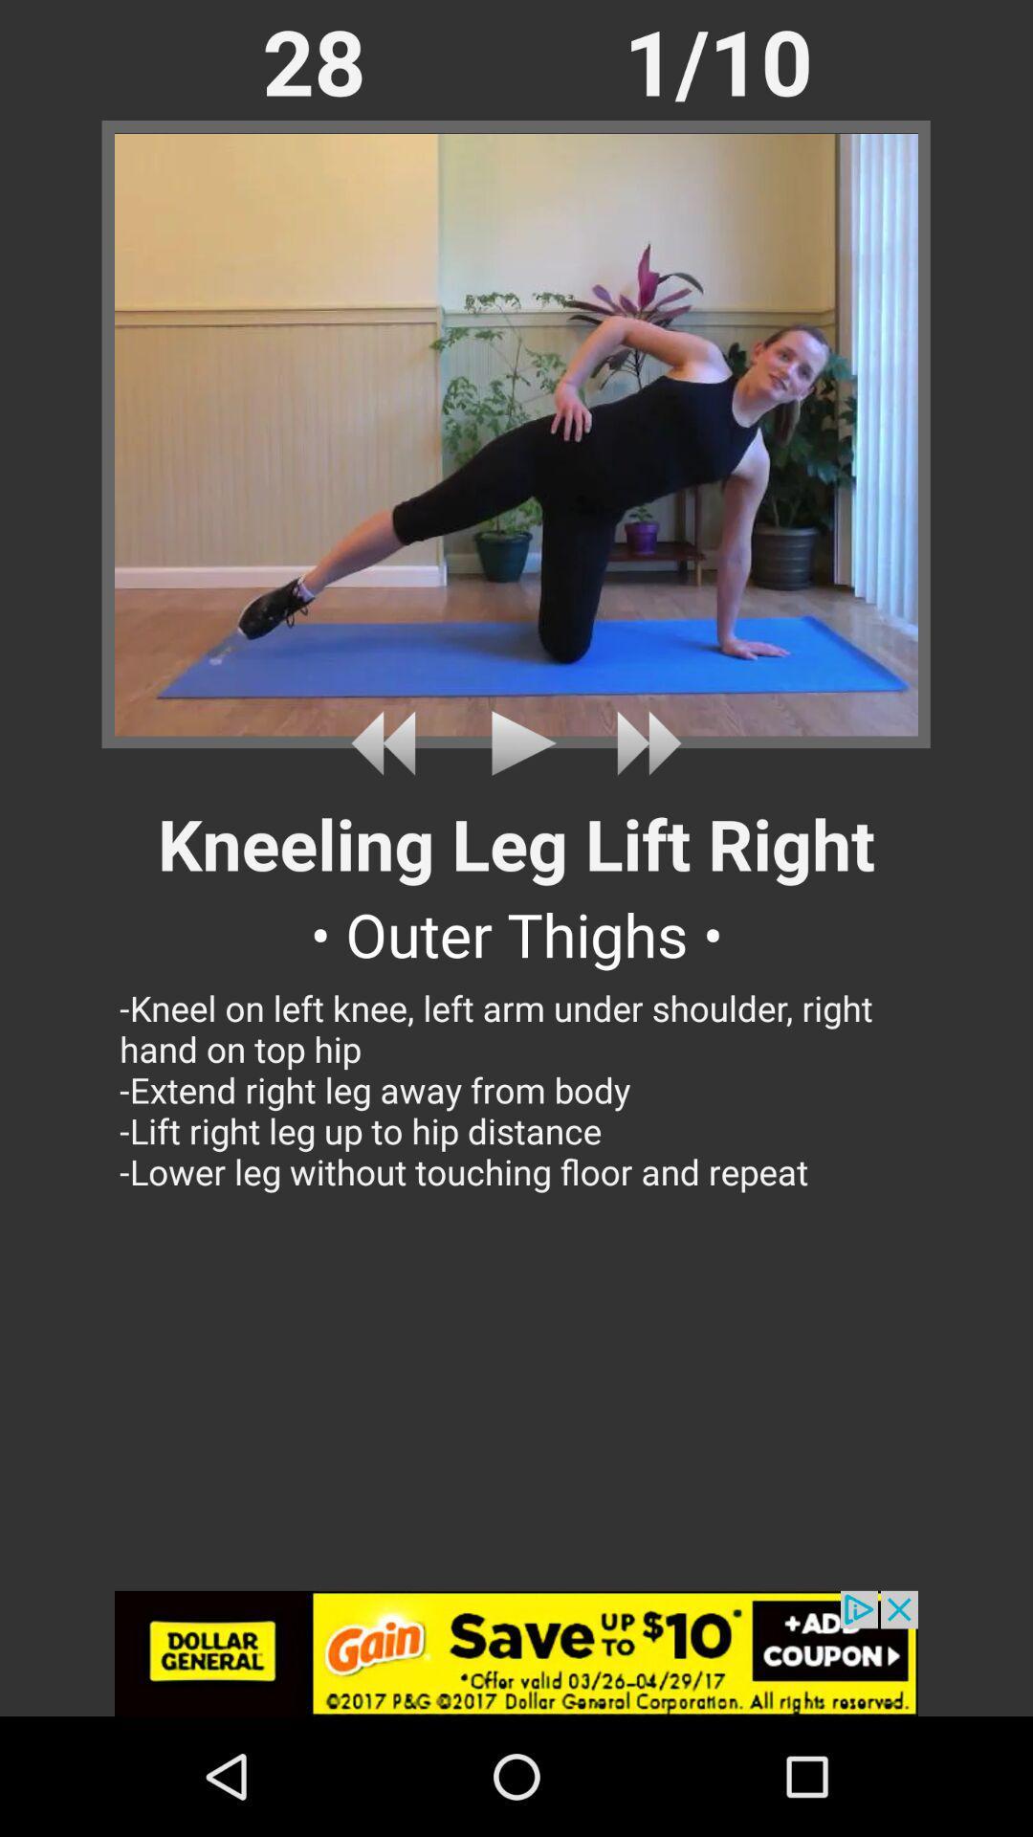 The height and width of the screenshot is (1837, 1033). Describe the element at coordinates (516, 1652) in the screenshot. I see `selected advertisement` at that location.